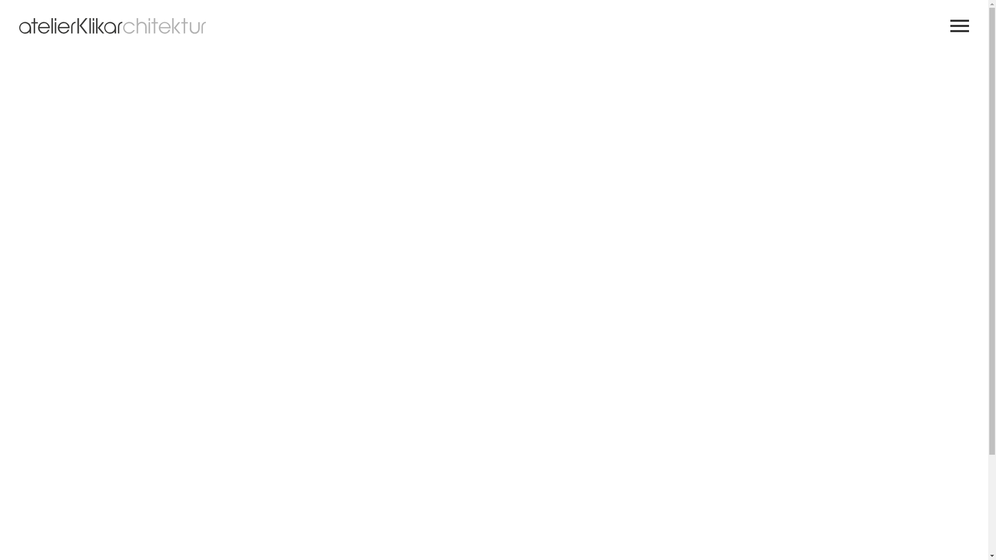 Image resolution: width=996 pixels, height=560 pixels. Describe the element at coordinates (959, 25) in the screenshot. I see `'Primary Menu'` at that location.